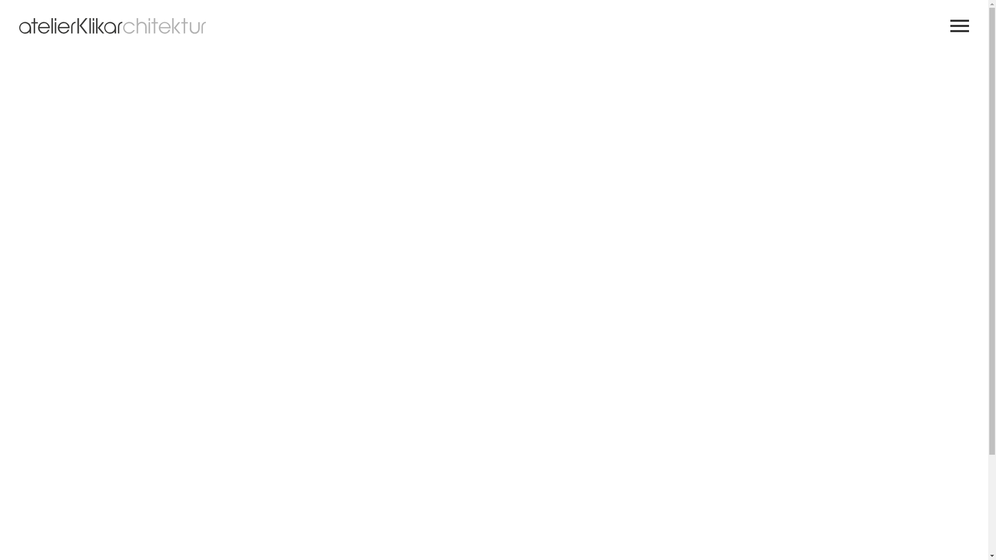 Image resolution: width=996 pixels, height=560 pixels. Describe the element at coordinates (959, 25) in the screenshot. I see `'Primary Menu'` at that location.